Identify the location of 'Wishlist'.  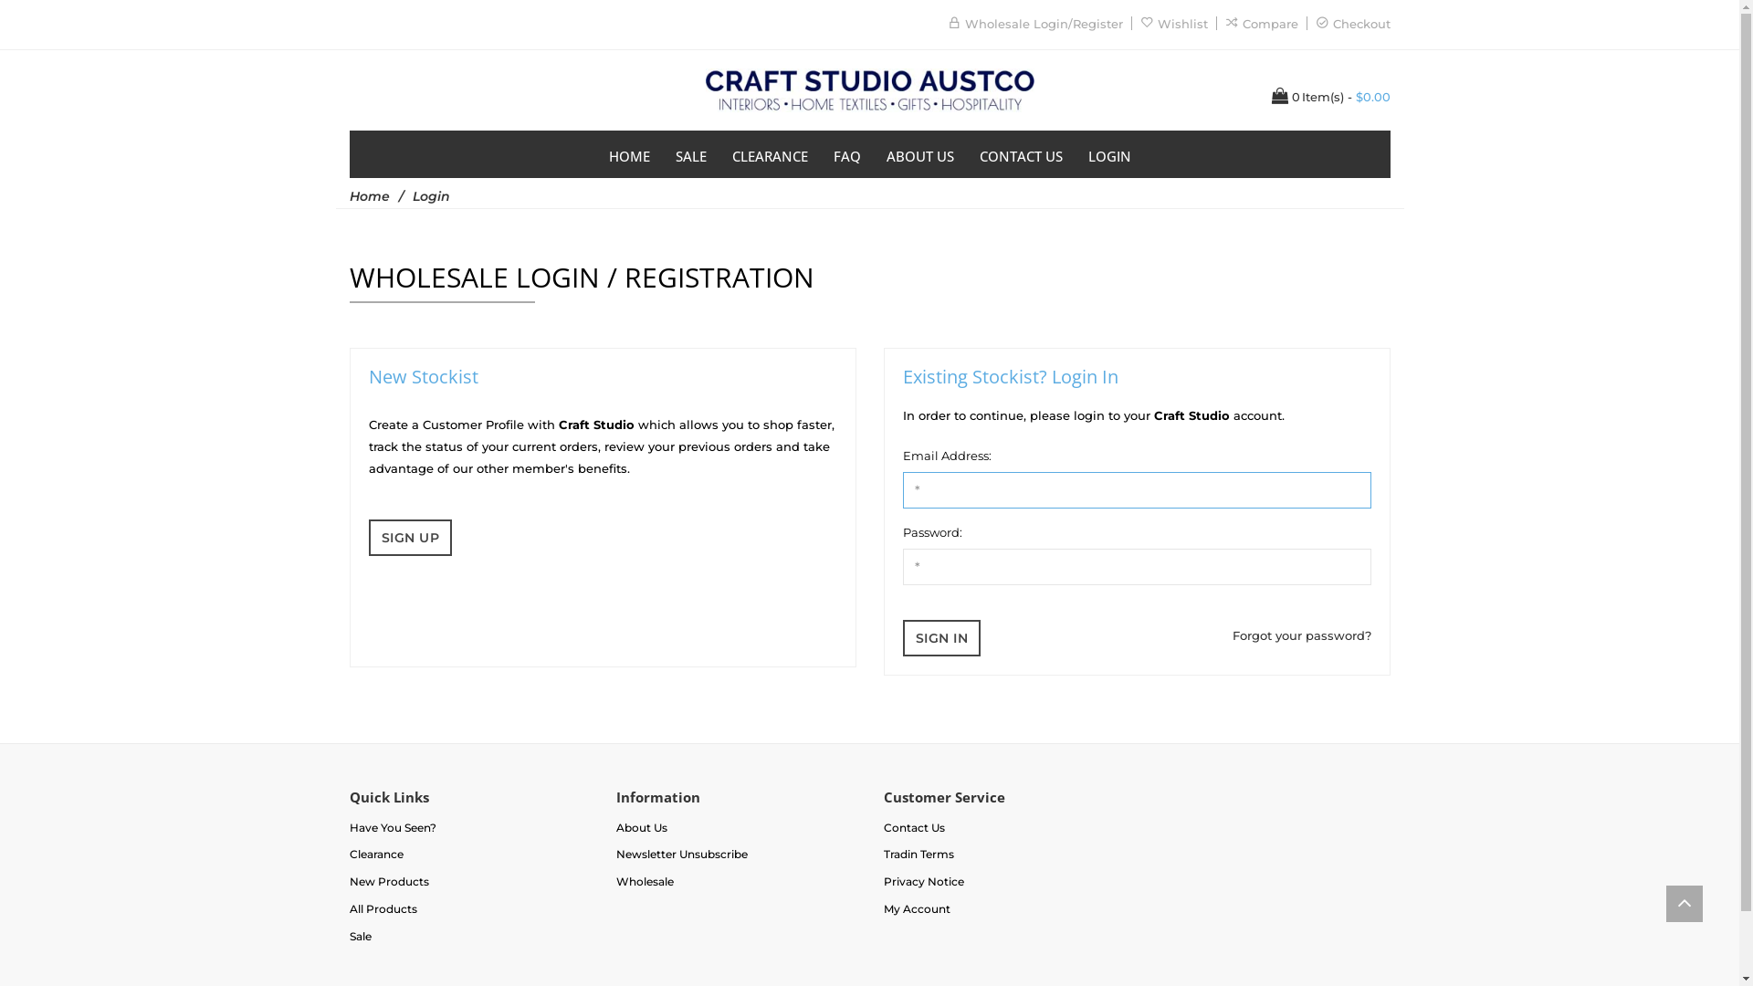
(1182, 24).